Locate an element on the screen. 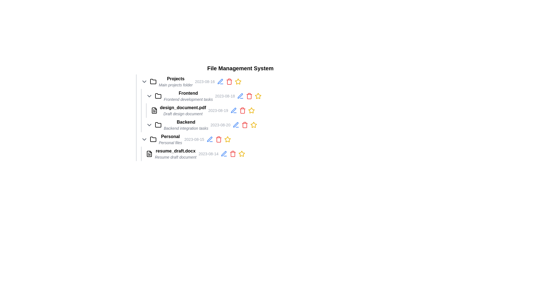 Image resolution: width=533 pixels, height=300 pixels. the Text label that provides additional context about the document 'resume_draft.docx' in the file management system under the 'Personal' folder is located at coordinates (175, 157).